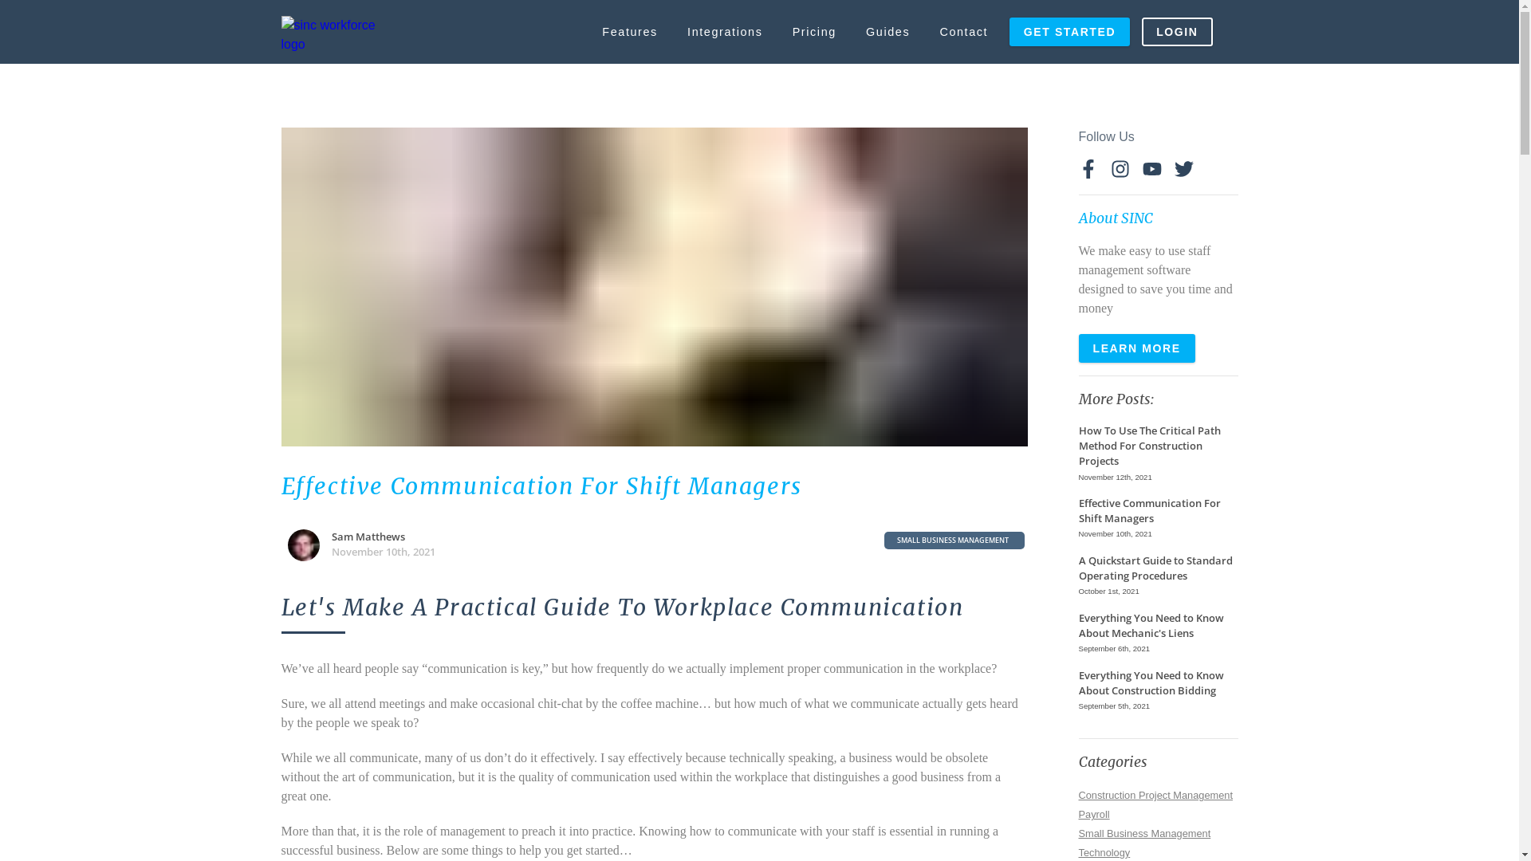 The height and width of the screenshot is (861, 1531). Describe the element at coordinates (1143, 832) in the screenshot. I see `'Small Business Management'` at that location.